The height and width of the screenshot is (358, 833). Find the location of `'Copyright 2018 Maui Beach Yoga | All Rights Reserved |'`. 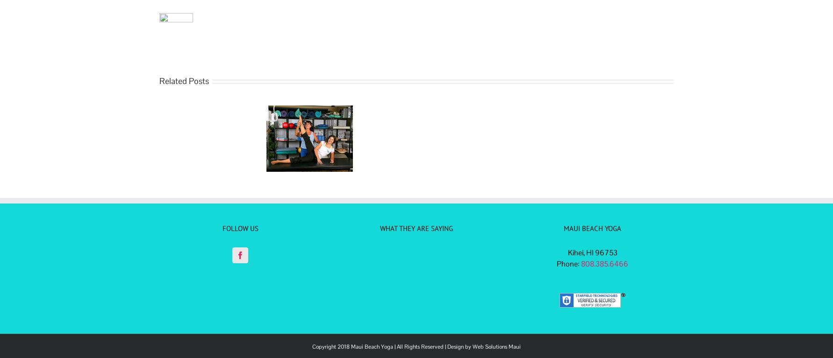

'Copyright 2018 Maui Beach Yoga | All Rights Reserved |' is located at coordinates (379, 346).